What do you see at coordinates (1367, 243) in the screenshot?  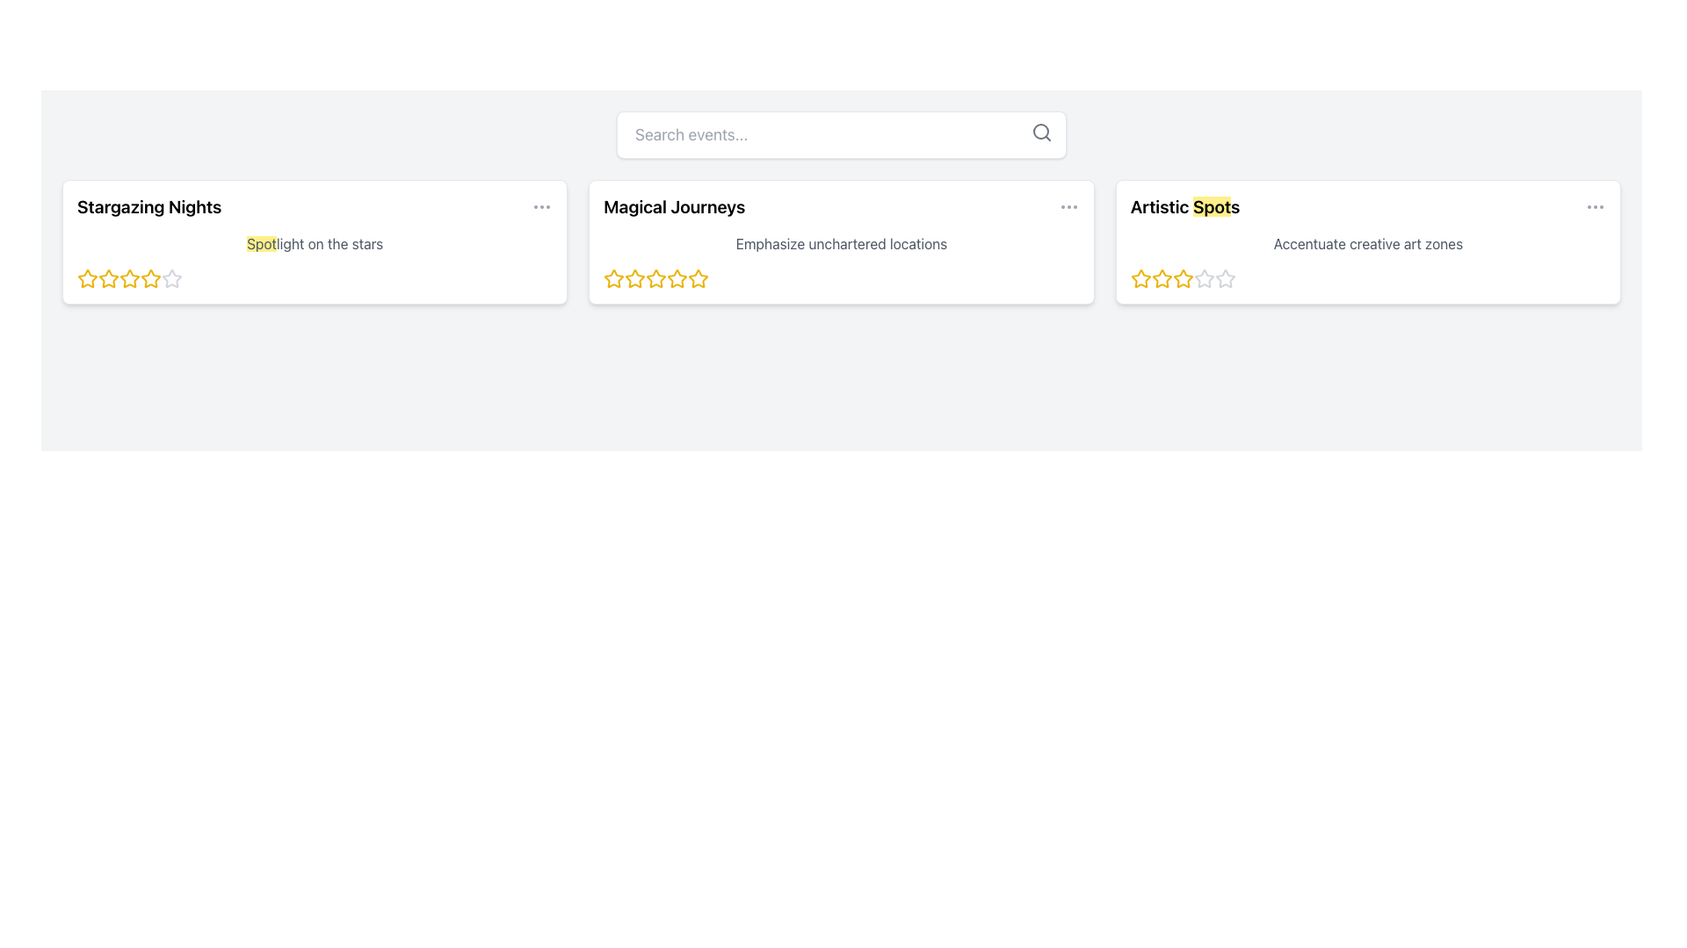 I see `the text element displaying 'Accentuate creative art zones', which is located below the title 'Artistic Spots' in the third content card of a three-card layout` at bounding box center [1367, 243].